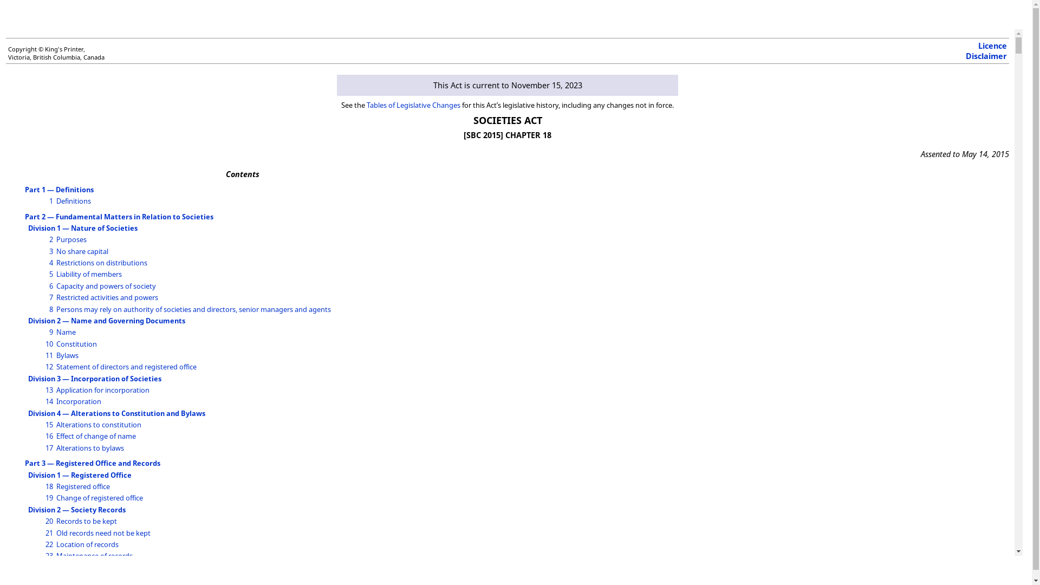 This screenshot has width=1040, height=585. What do you see at coordinates (49, 578) in the screenshot?
I see `'25'` at bounding box center [49, 578].